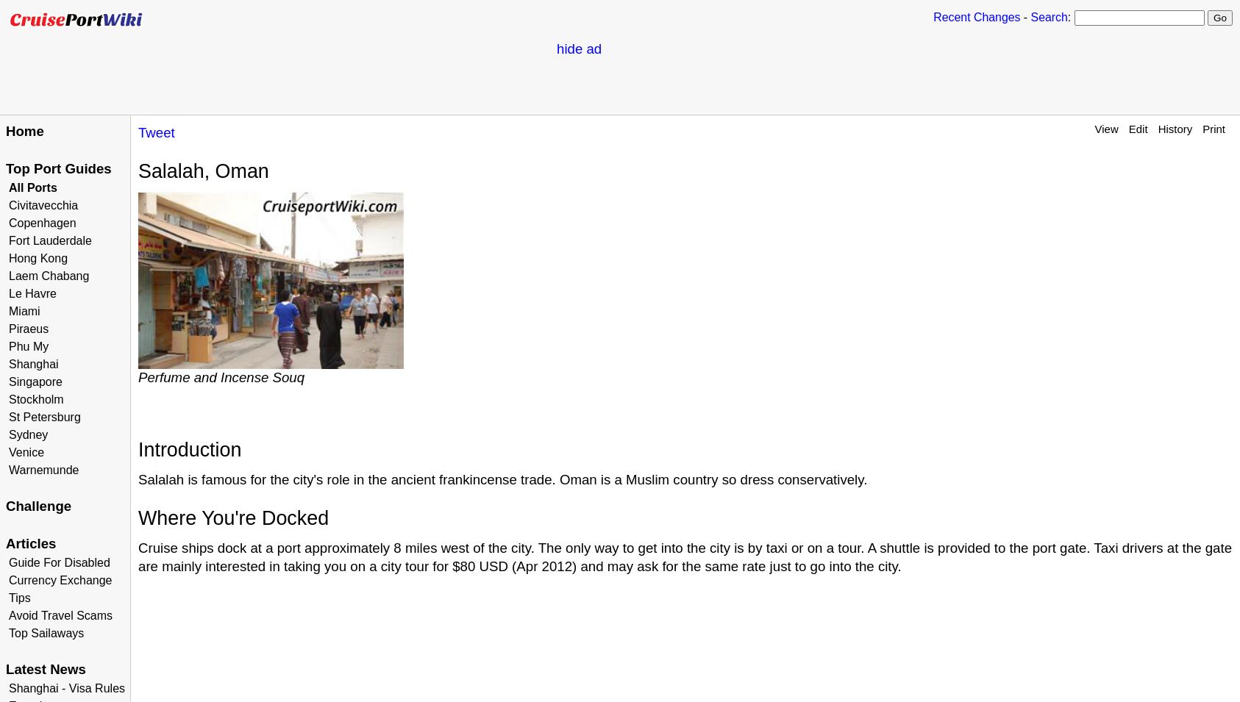 The height and width of the screenshot is (702, 1240). I want to click on 'Avoid Travel Scams', so click(60, 615).